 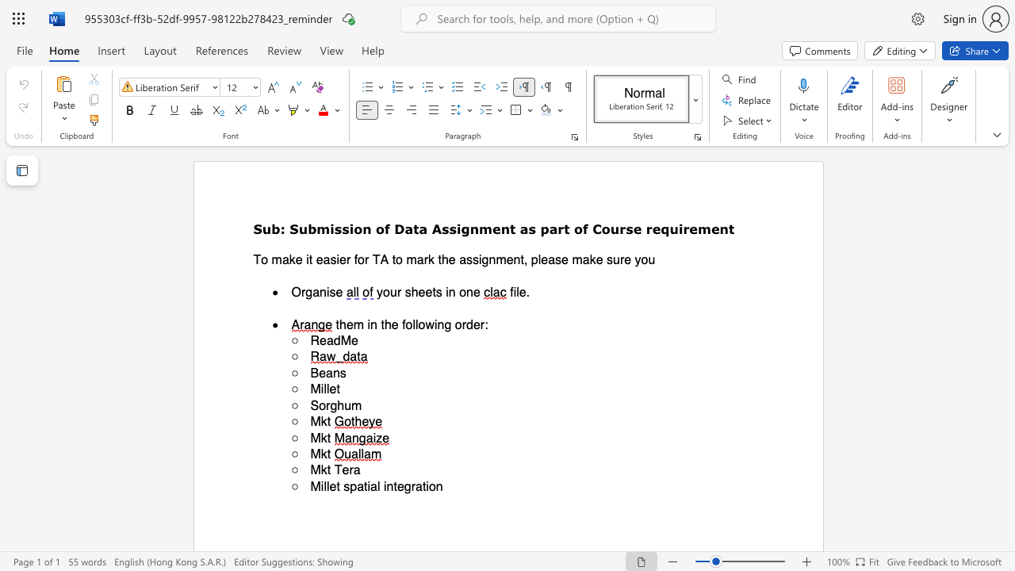 I want to click on the 2th character "i" in the text, so click(x=368, y=485).